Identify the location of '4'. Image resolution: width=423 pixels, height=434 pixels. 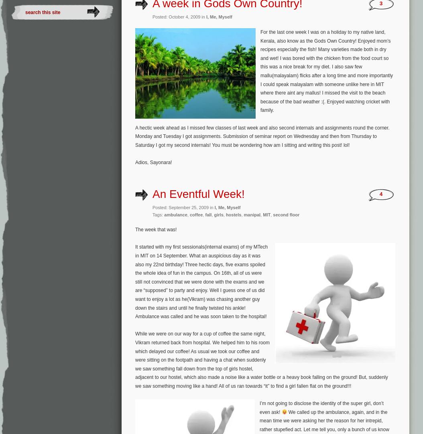
(381, 193).